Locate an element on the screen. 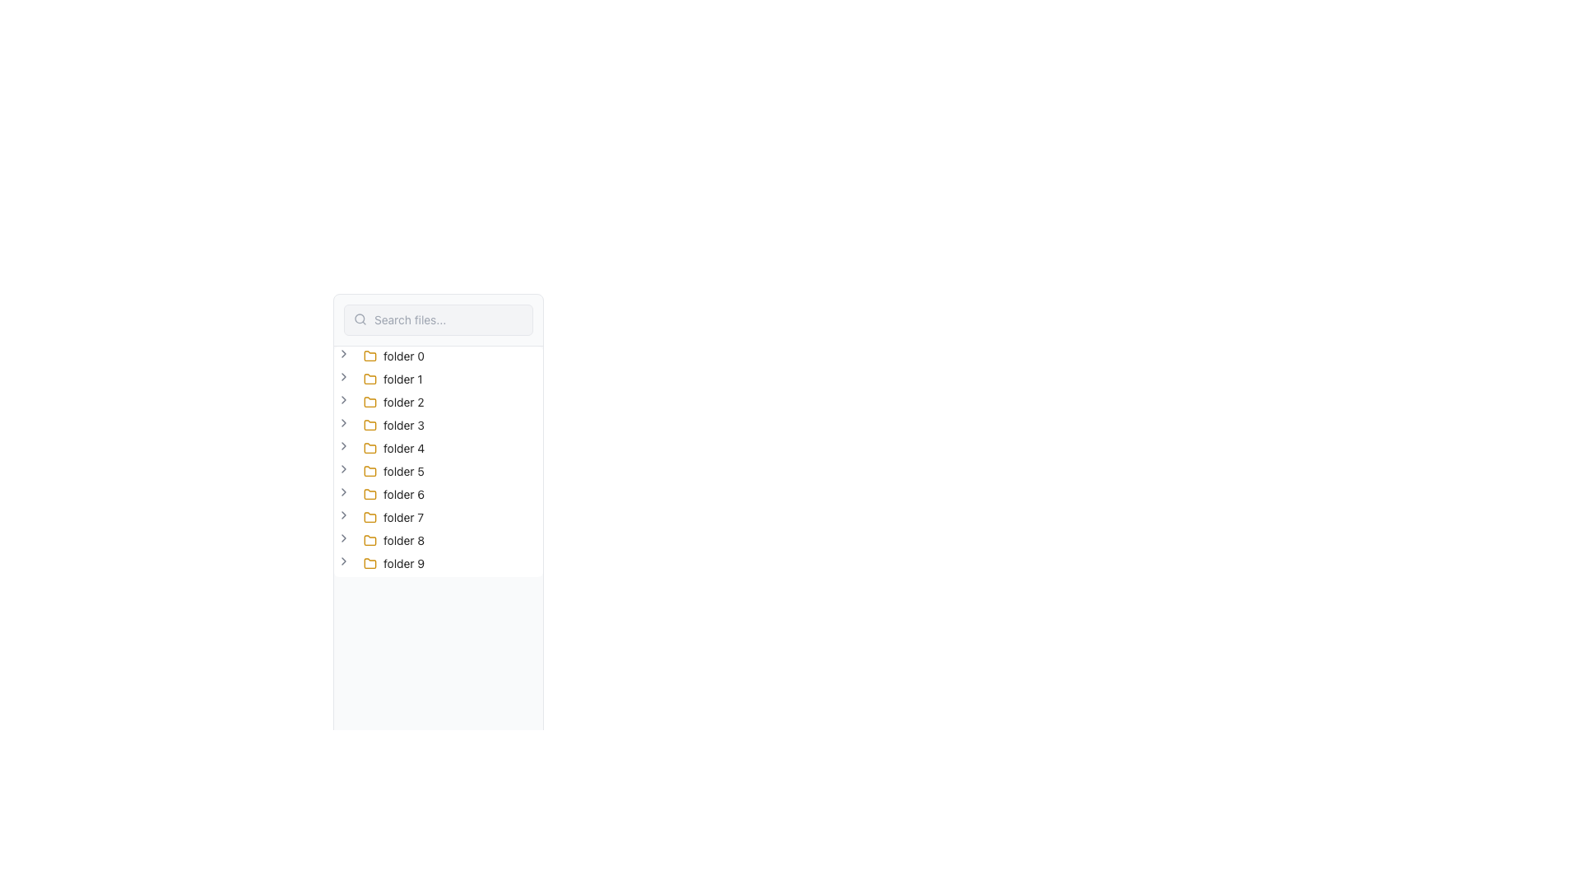 This screenshot has width=1580, height=889. the chevron button located to the left of the label 'folder 4' is located at coordinates (342, 448).